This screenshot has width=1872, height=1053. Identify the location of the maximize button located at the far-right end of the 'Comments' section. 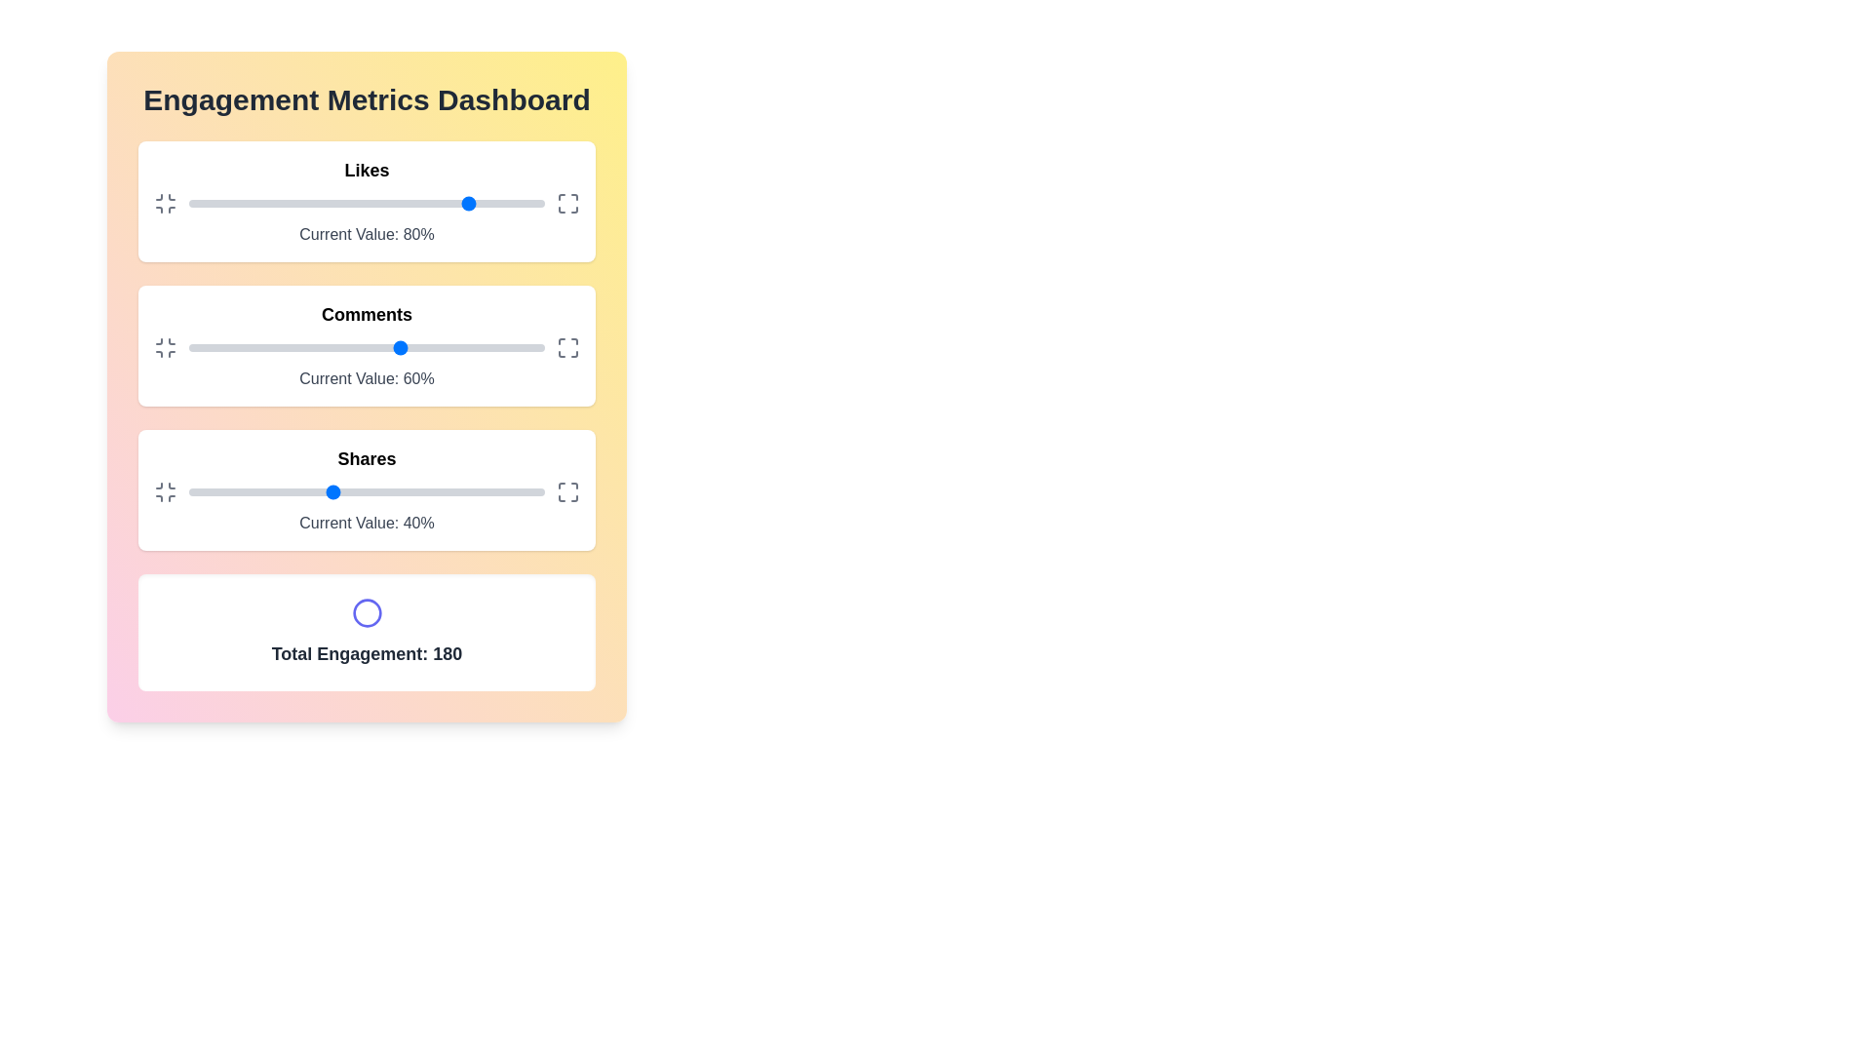
(566, 347).